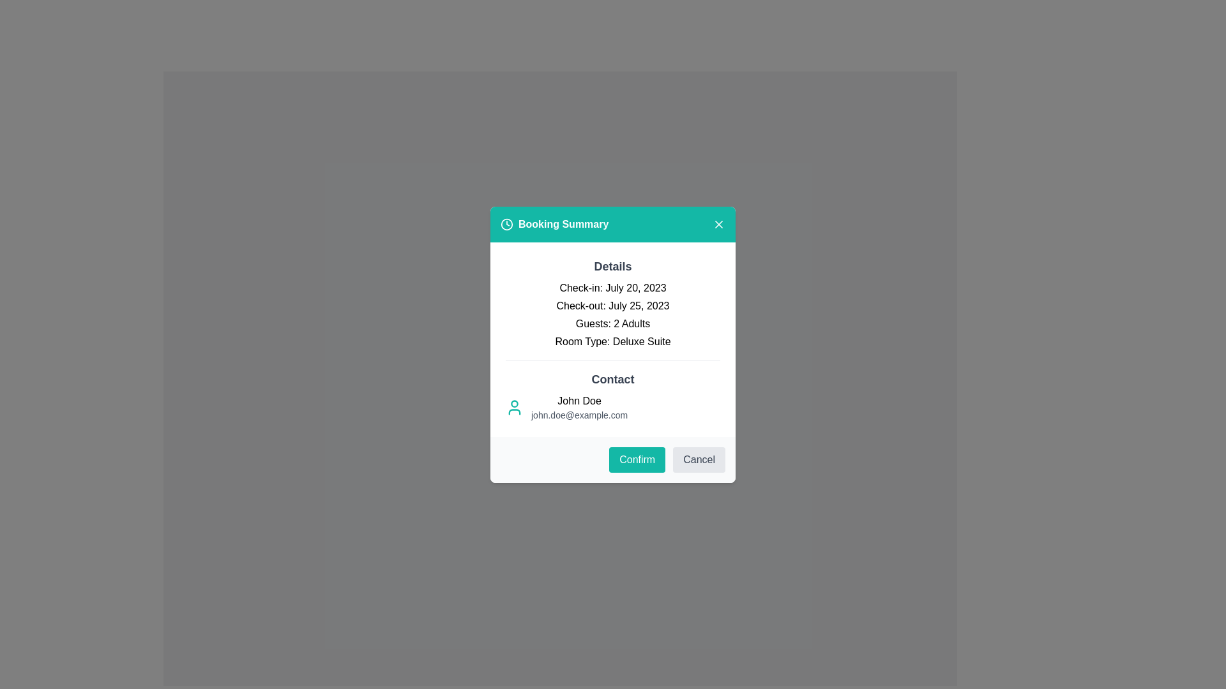 This screenshot has width=1226, height=689. What do you see at coordinates (613, 306) in the screenshot?
I see `the text label displaying 'Check-out: July 25, 2023', which is part of the 'Booking Summary' dialog box and positioned below 'Check-in: July 20, 2023'` at bounding box center [613, 306].